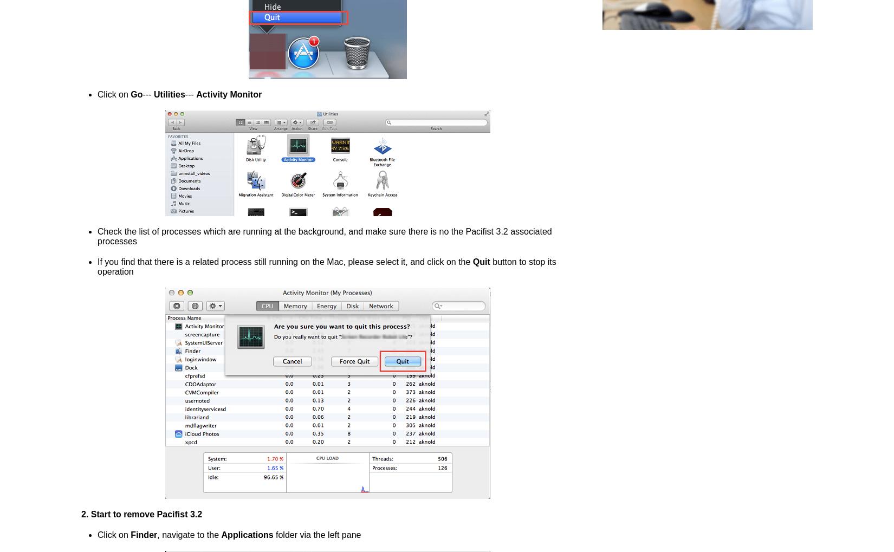 This screenshot has height=552, width=894. What do you see at coordinates (247, 535) in the screenshot?
I see `'Applications'` at bounding box center [247, 535].